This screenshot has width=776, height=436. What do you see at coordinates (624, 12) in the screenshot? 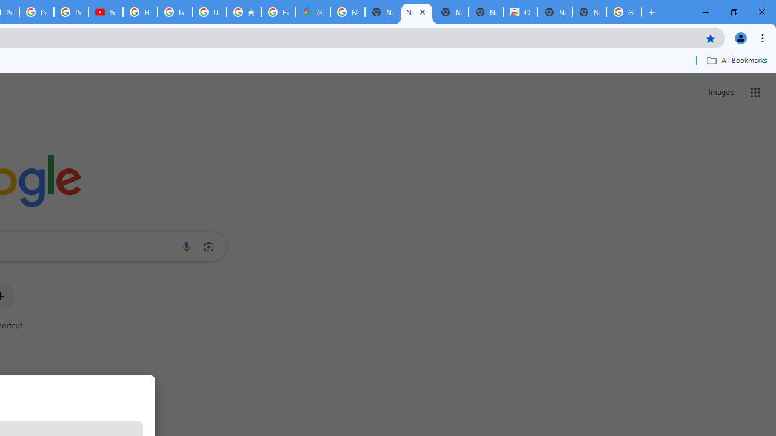
I see `'Google Images'` at bounding box center [624, 12].